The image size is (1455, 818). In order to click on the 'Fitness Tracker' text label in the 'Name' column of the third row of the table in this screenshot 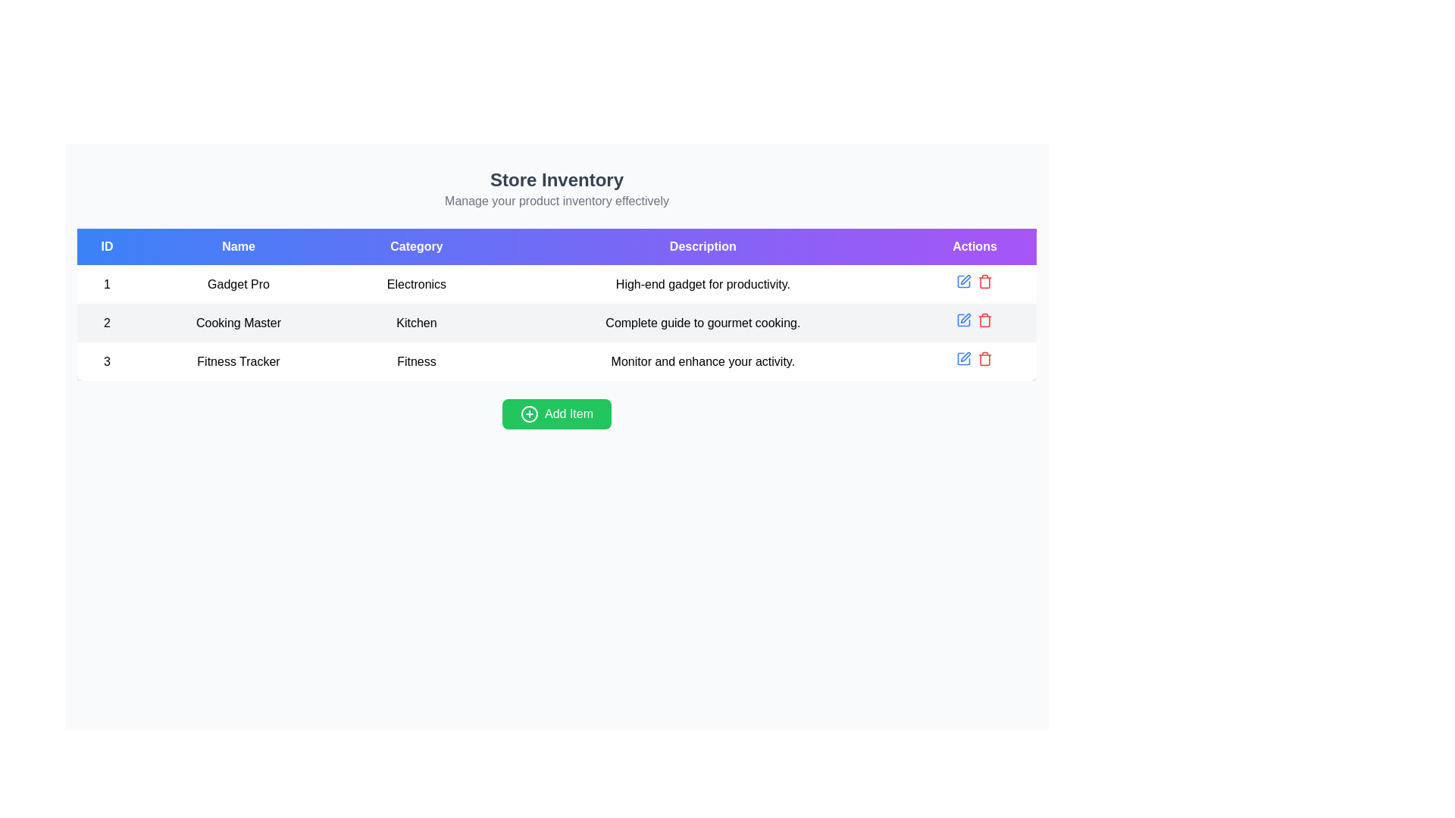, I will do `click(238, 361)`.